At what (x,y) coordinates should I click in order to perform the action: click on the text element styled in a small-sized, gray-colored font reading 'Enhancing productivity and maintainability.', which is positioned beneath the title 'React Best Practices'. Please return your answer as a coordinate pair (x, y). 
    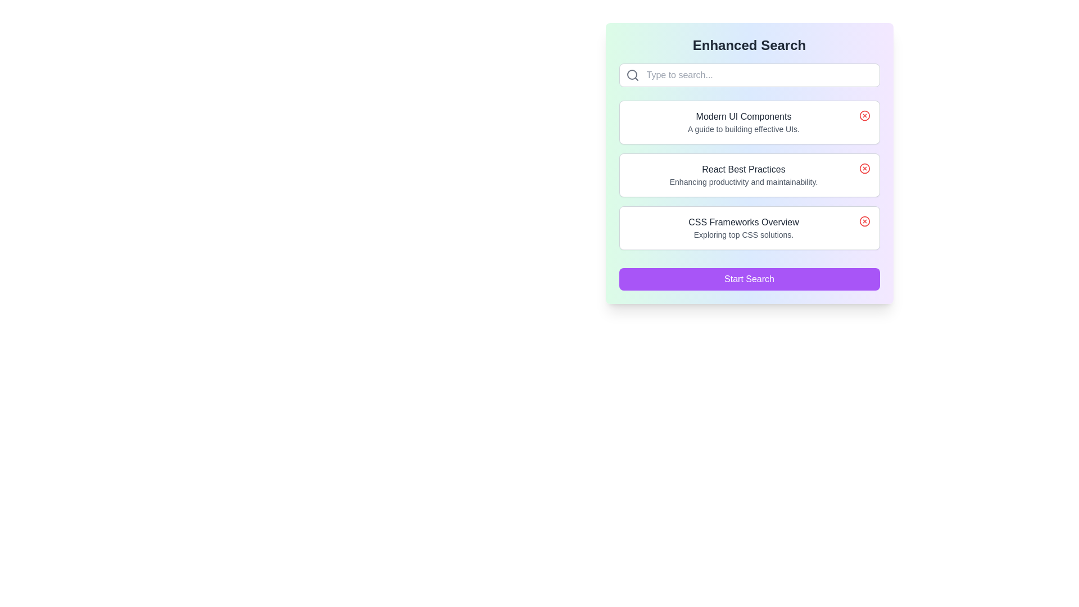
    Looking at the image, I should click on (743, 182).